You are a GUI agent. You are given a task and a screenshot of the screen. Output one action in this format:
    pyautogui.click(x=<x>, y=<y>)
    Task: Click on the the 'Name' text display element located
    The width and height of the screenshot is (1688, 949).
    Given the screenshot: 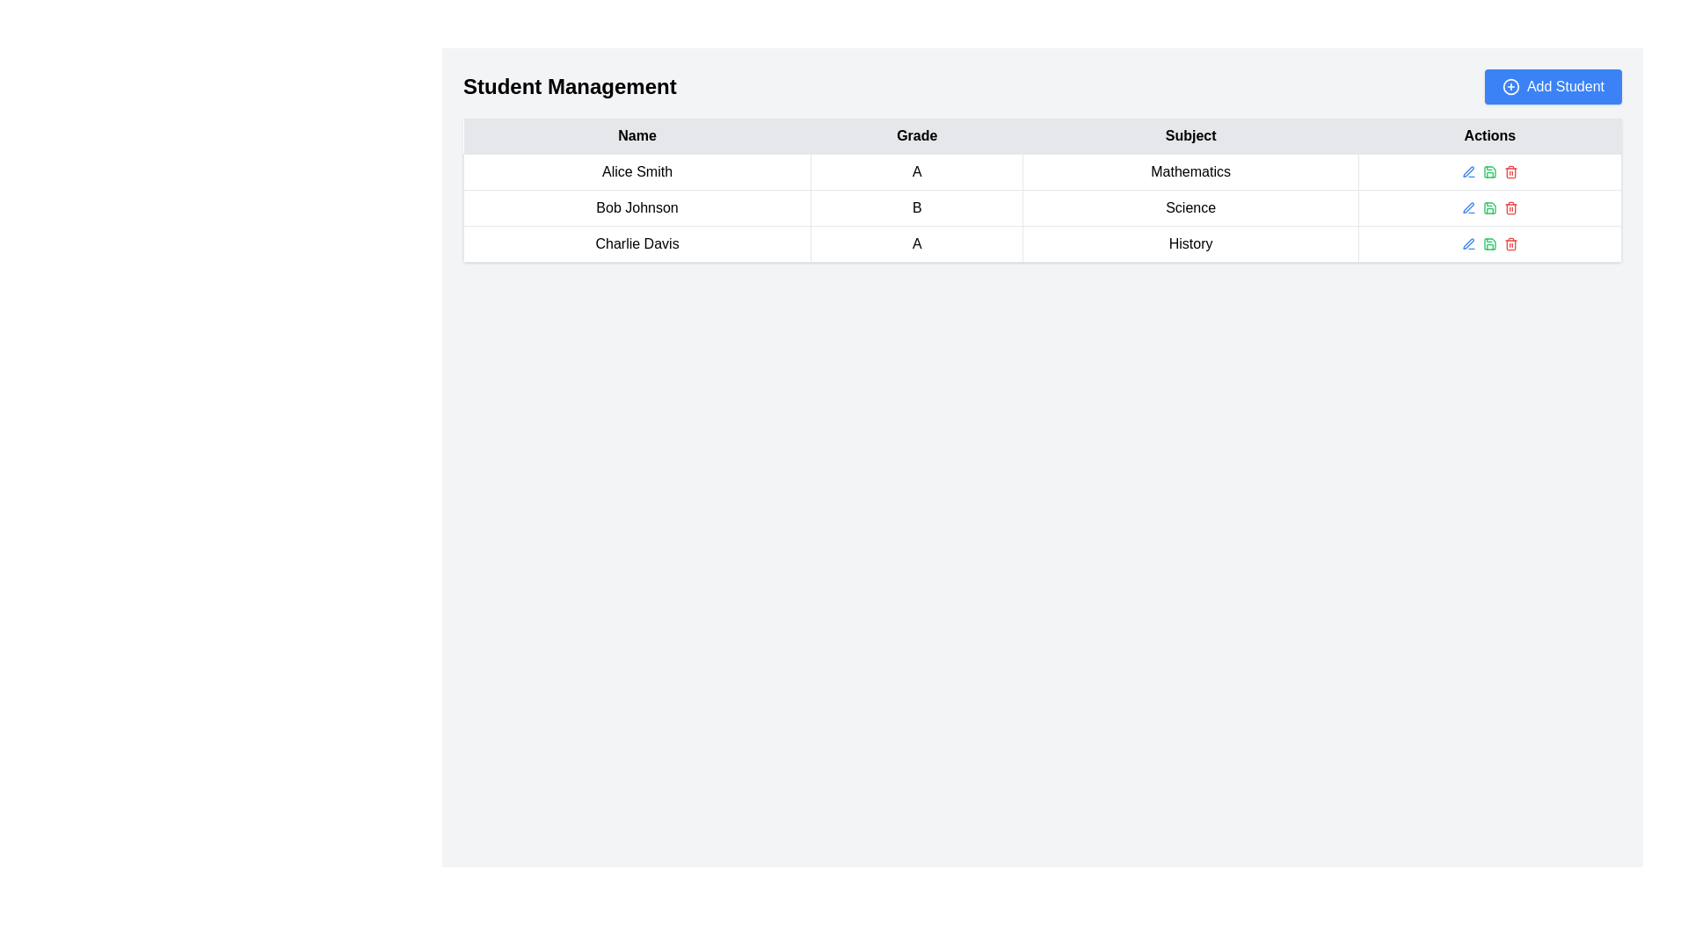 What is the action you would take?
    pyautogui.click(x=636, y=172)
    